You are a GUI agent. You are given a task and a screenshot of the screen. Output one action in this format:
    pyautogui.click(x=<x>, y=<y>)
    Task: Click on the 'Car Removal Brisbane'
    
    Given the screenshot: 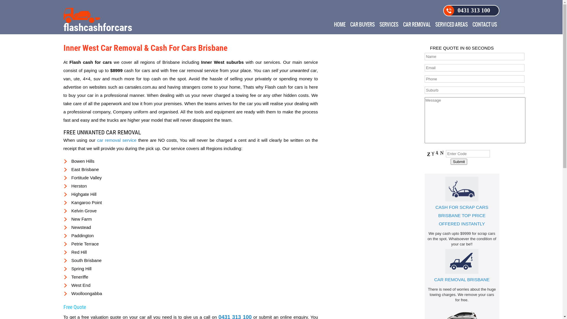 What is the action you would take?
    pyautogui.click(x=462, y=261)
    